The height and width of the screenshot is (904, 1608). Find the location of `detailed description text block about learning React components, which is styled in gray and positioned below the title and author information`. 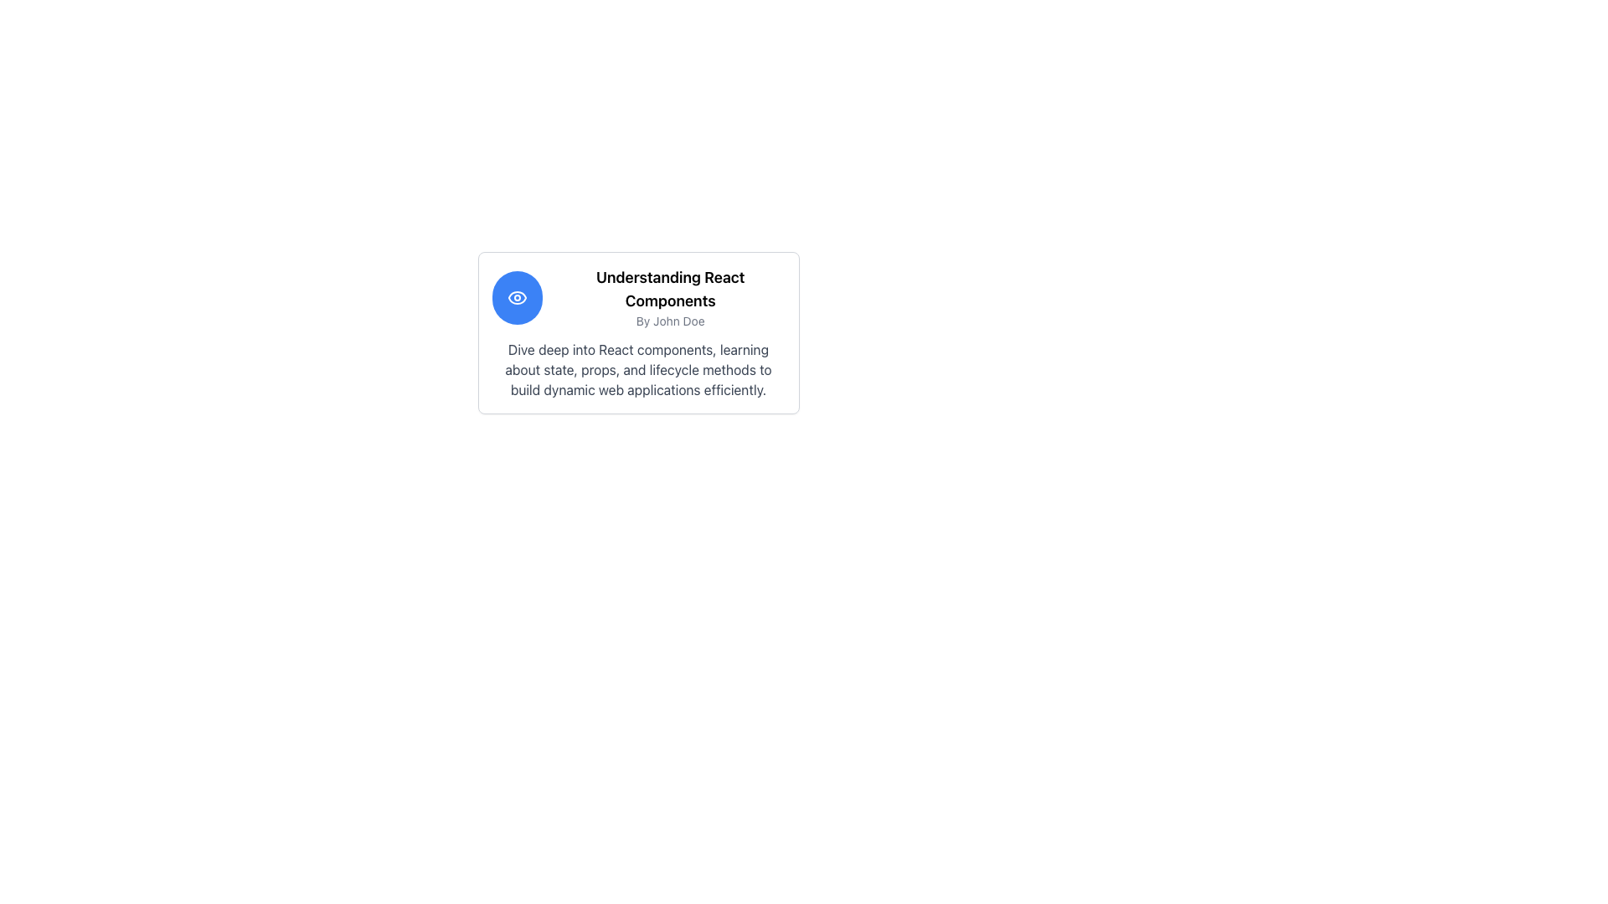

detailed description text block about learning React components, which is styled in gray and positioned below the title and author information is located at coordinates (637, 369).